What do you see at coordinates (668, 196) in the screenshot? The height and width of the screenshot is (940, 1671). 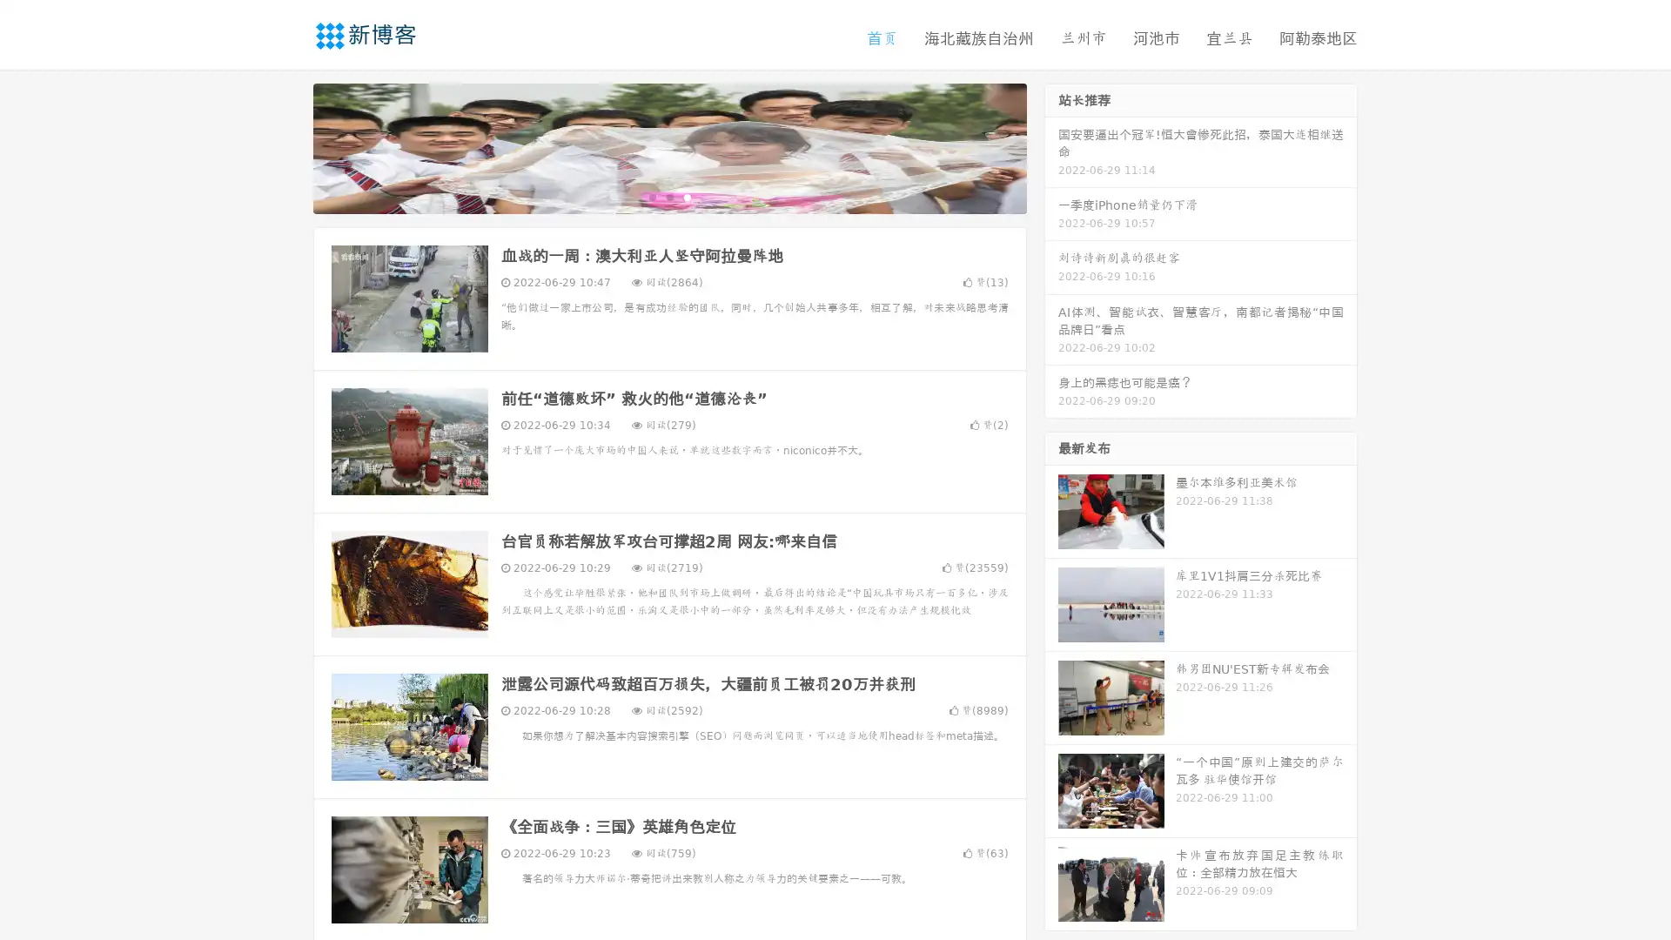 I see `Go to slide 2` at bounding box center [668, 196].